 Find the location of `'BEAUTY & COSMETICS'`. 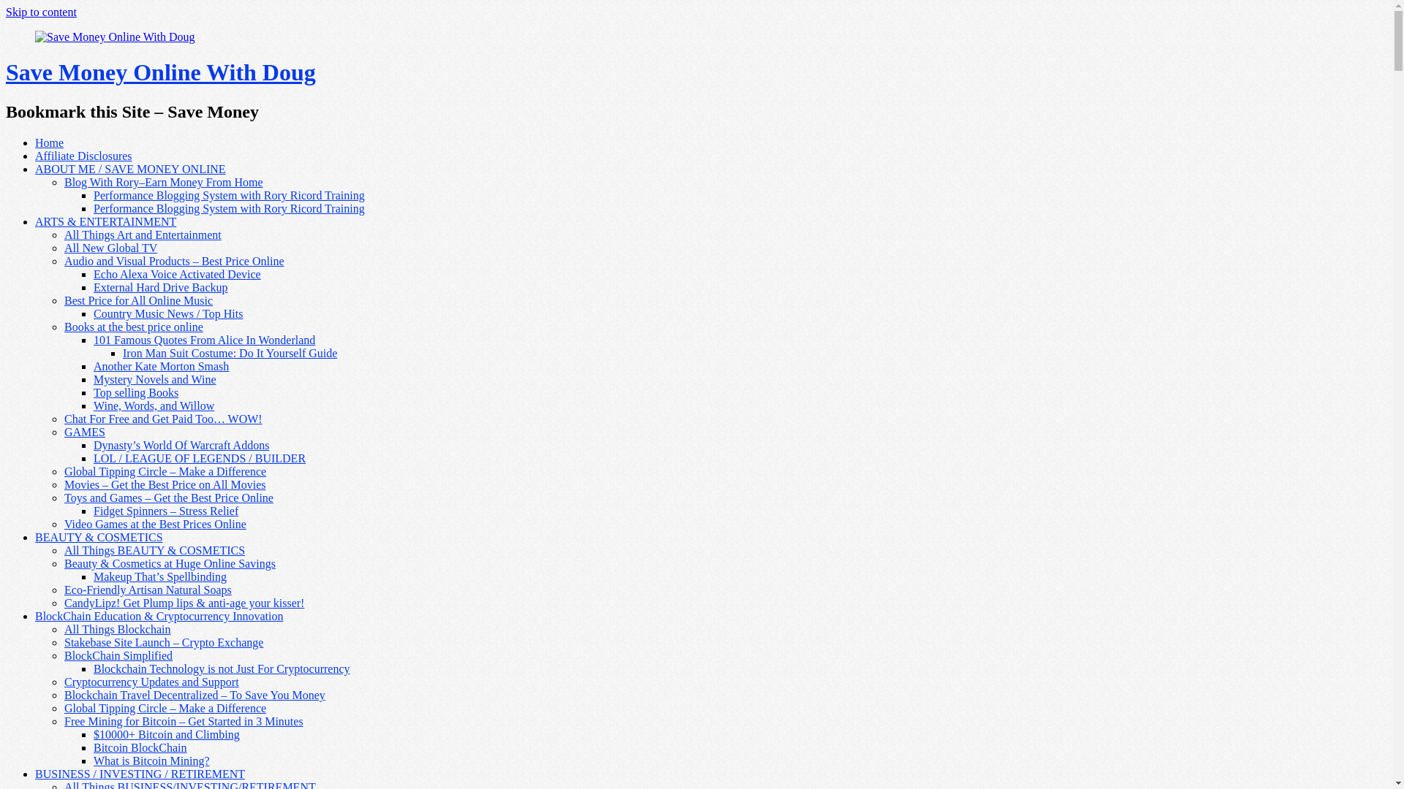

'BEAUTY & COSMETICS' is located at coordinates (98, 537).